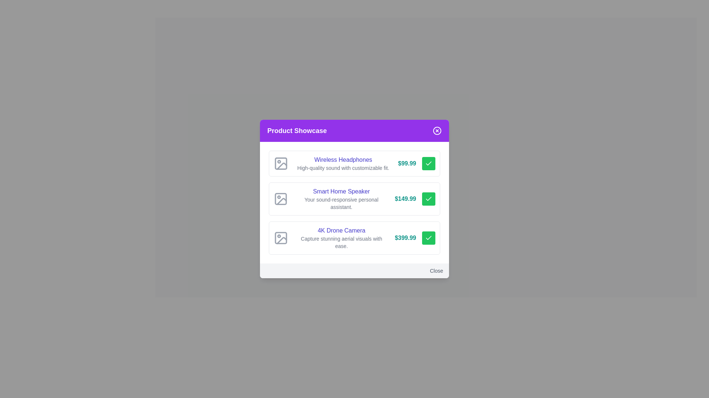 The image size is (709, 398). I want to click on text displayed in the price label for the 4K Drone Camera, which is located on the right side of the product description and above the selection button, so click(405, 238).